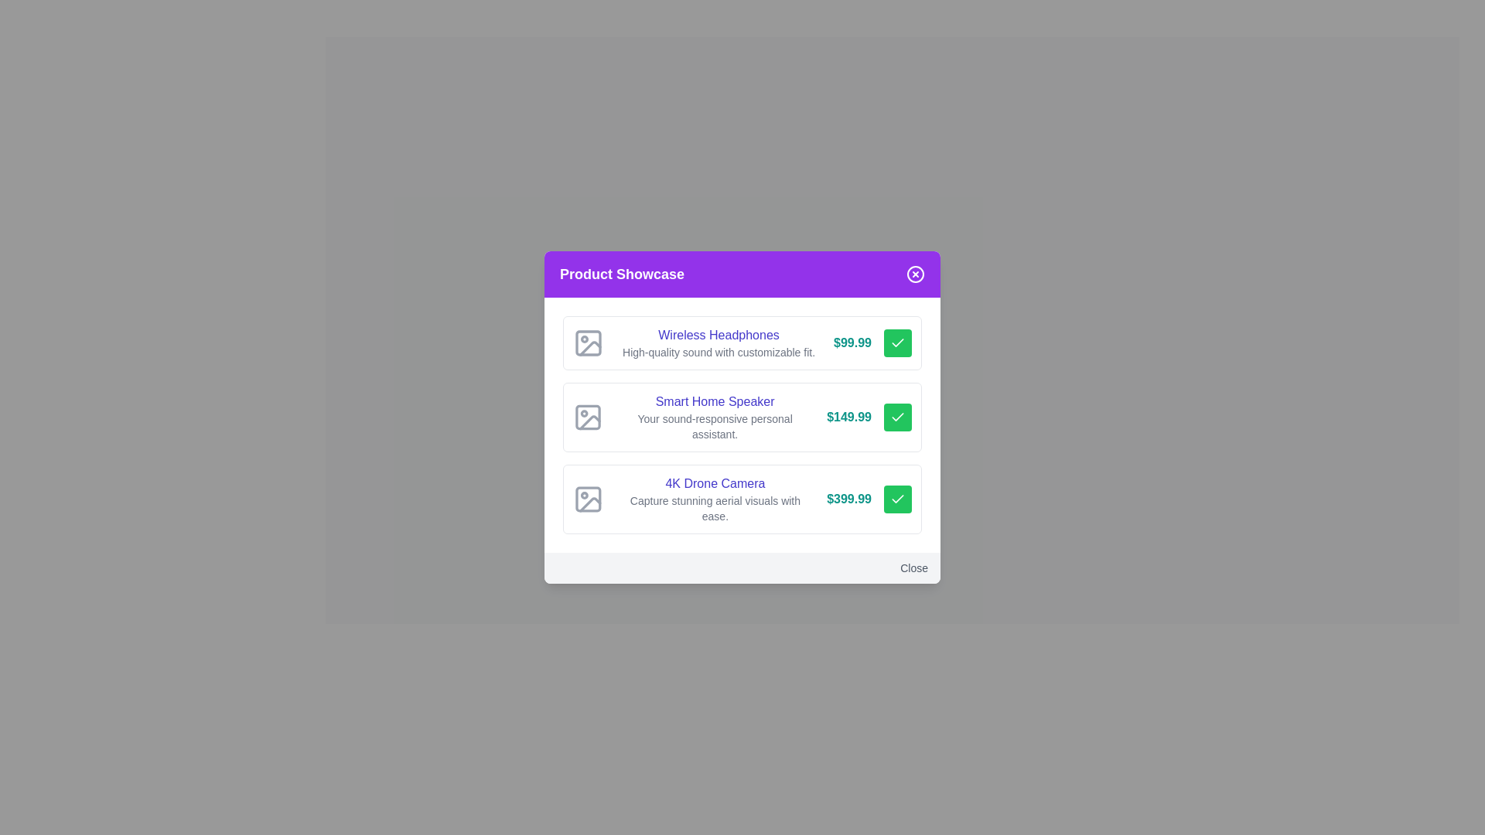  Describe the element at coordinates (916, 273) in the screenshot. I see `the circular dismiss icon with a cross symbol located in the top-right corner of the 'Product Showcase' header` at that location.